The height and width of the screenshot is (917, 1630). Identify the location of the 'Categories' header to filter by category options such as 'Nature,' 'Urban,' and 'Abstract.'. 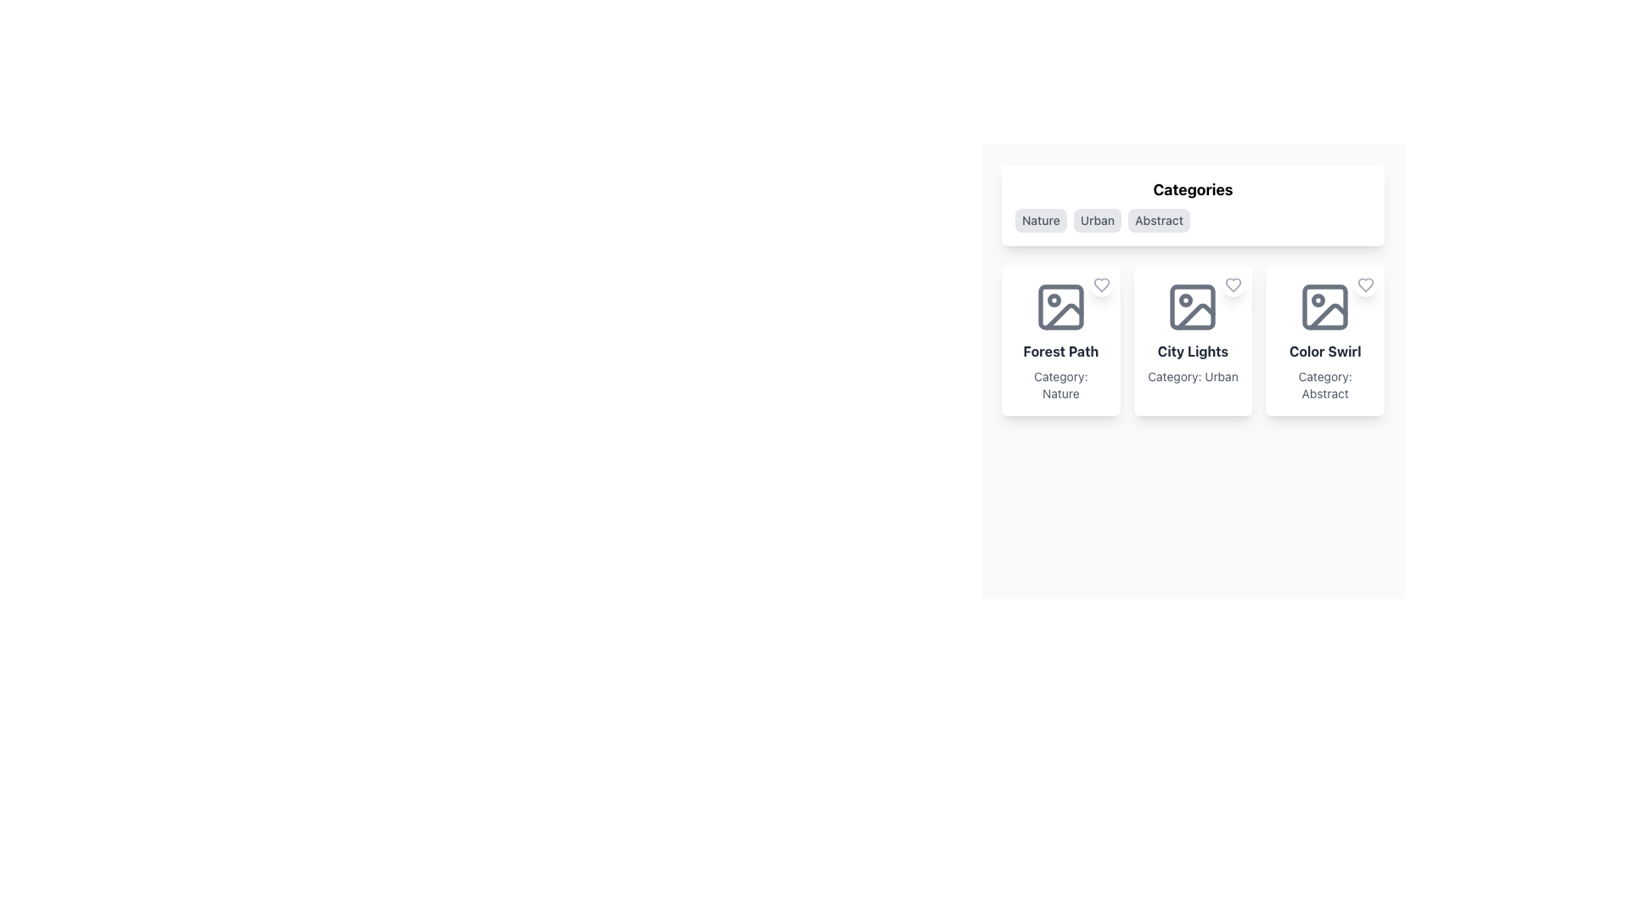
(1192, 205).